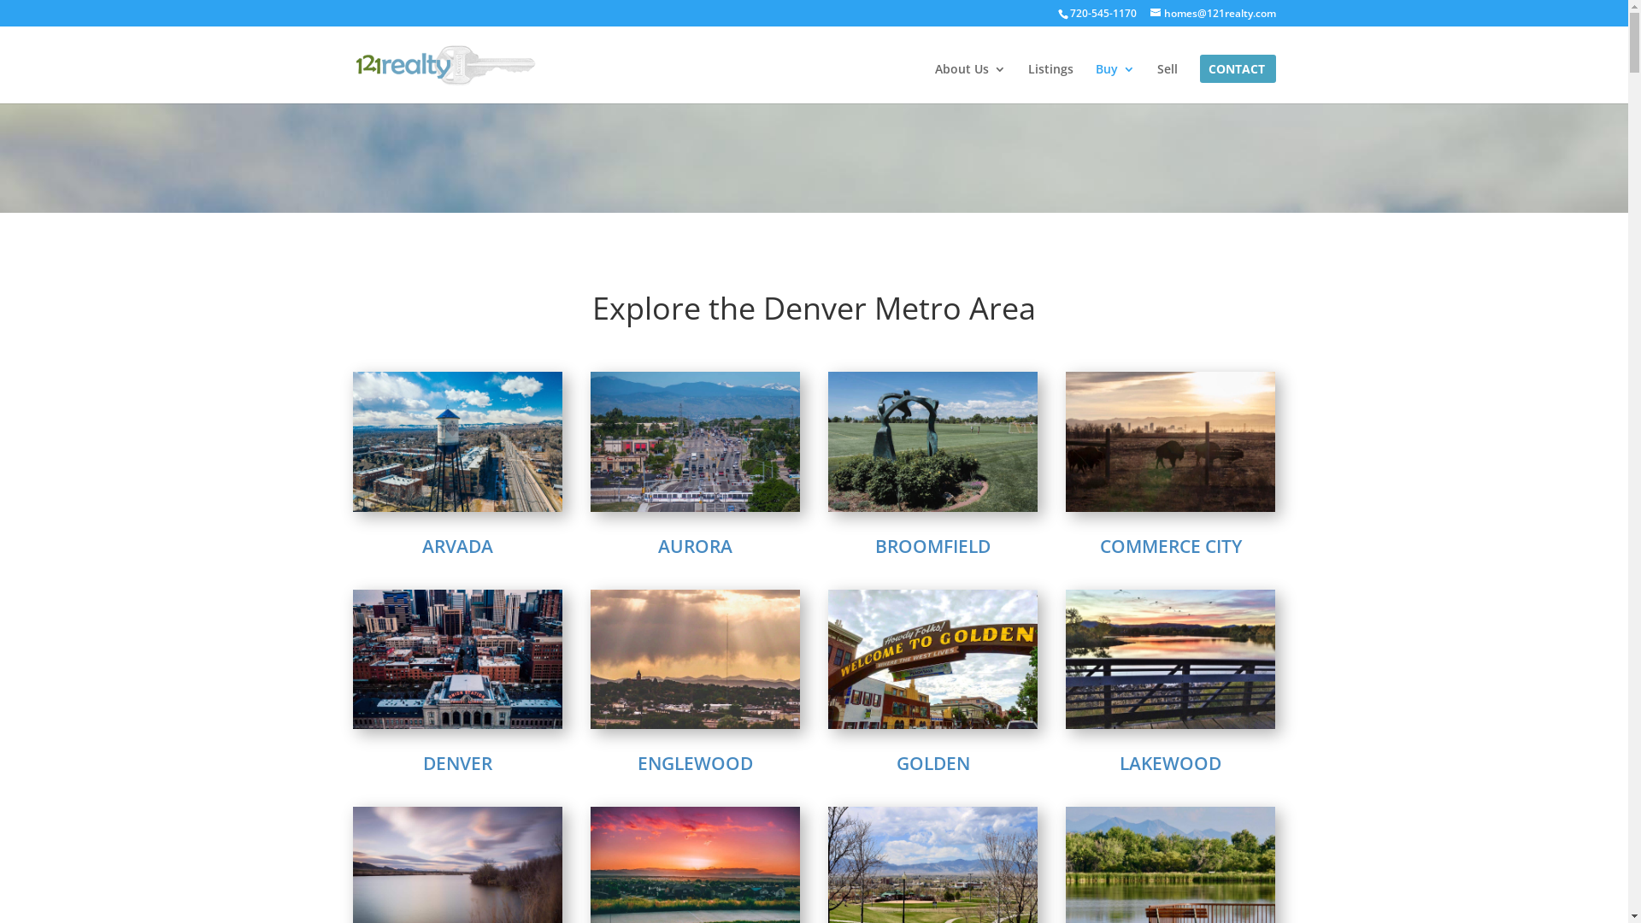  Describe the element at coordinates (931, 762) in the screenshot. I see `'GOLDEN'` at that location.